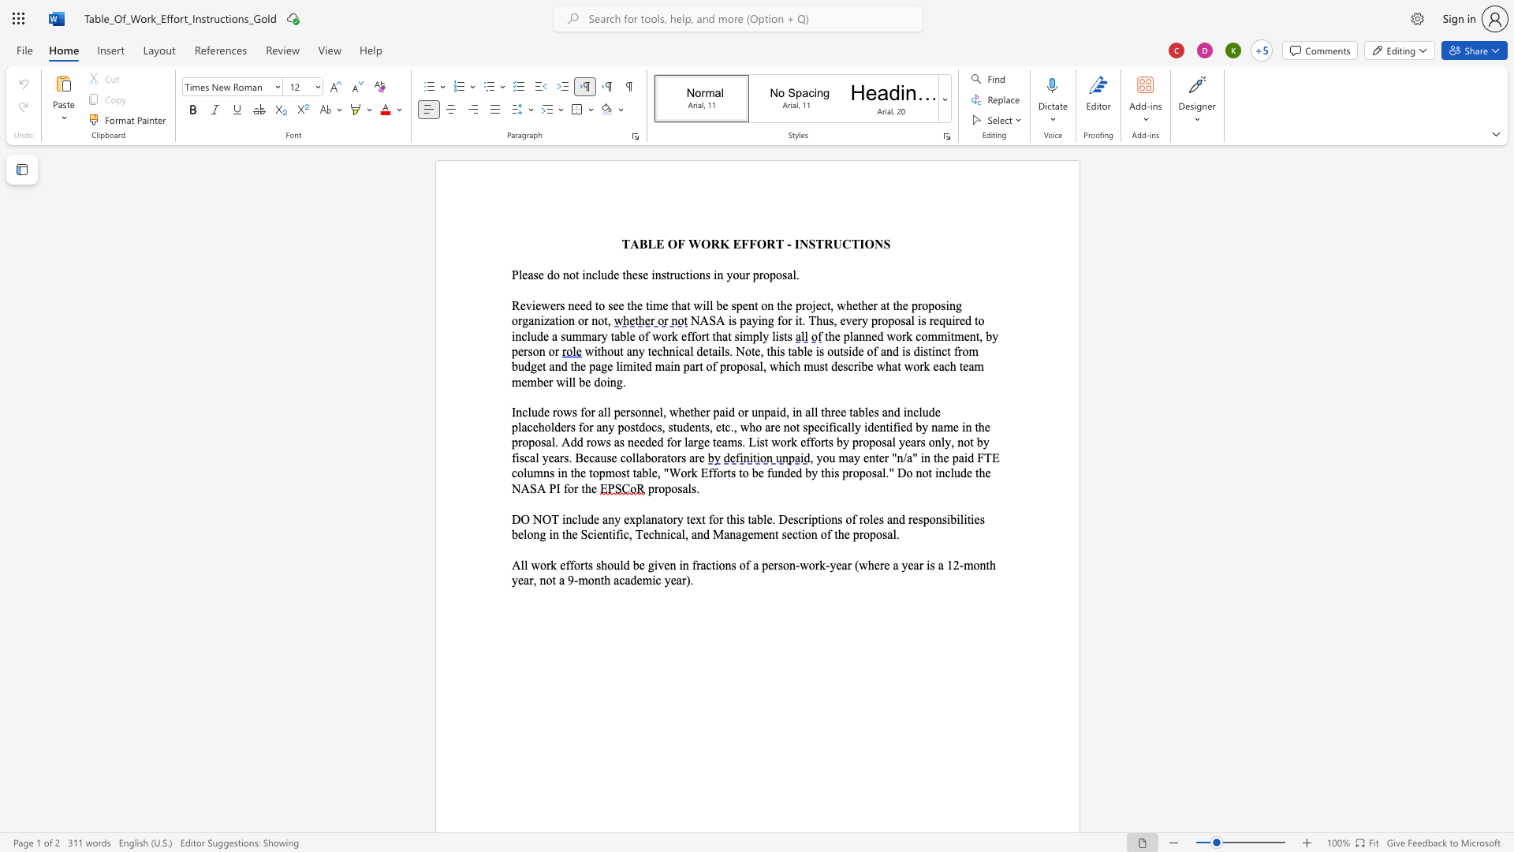 This screenshot has height=852, width=1514. I want to click on the space between the continuous character "d" and "e" in the text, so click(873, 427).